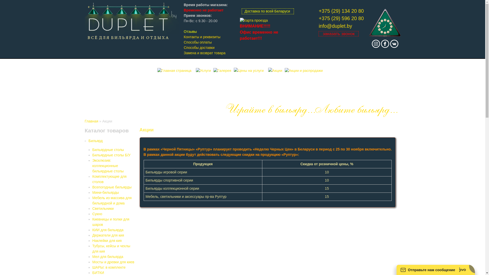 The width and height of the screenshot is (489, 275). I want to click on 'info@duplet.by', so click(335, 26).